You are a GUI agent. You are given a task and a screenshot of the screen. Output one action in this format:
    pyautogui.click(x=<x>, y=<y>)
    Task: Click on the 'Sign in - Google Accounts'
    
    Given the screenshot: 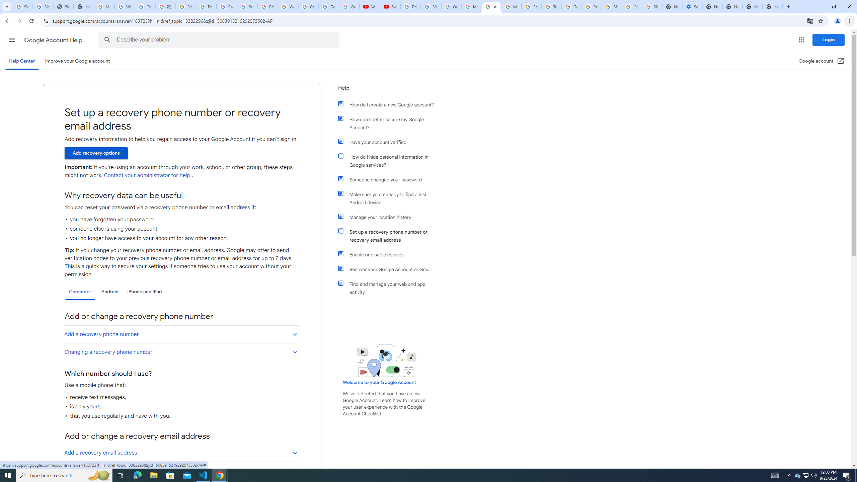 What is the action you would take?
    pyautogui.click(x=22, y=6)
    